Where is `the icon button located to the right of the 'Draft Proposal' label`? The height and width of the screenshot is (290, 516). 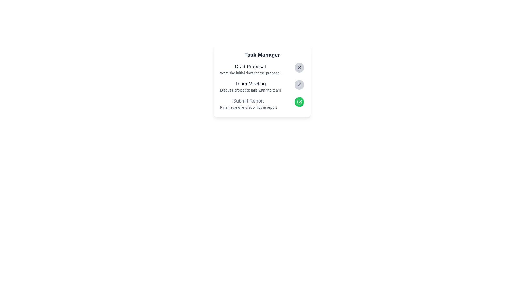
the icon button located to the right of the 'Draft Proposal' label is located at coordinates (299, 85).